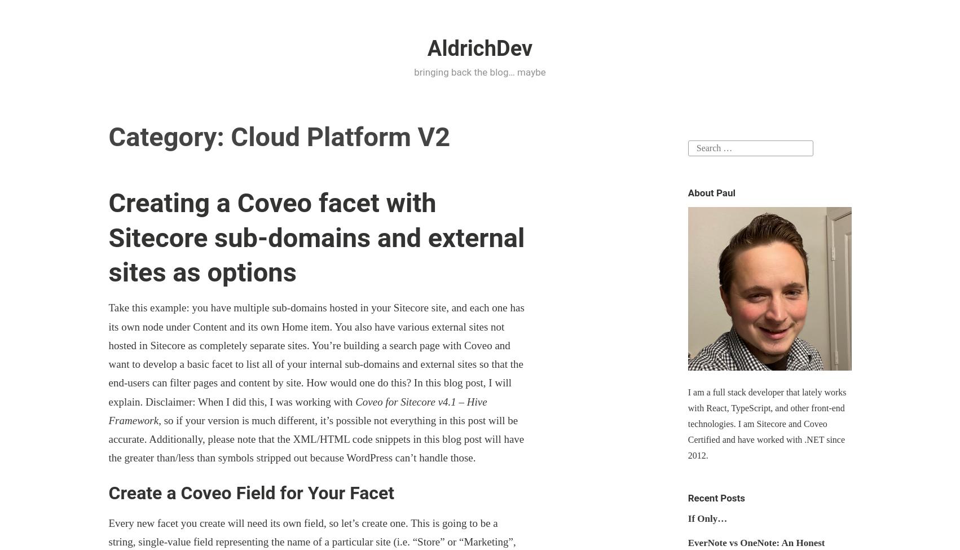  I want to click on 'Creating a Coveo facet with Sitecore sub-domains and external sites as options', so click(315, 237).